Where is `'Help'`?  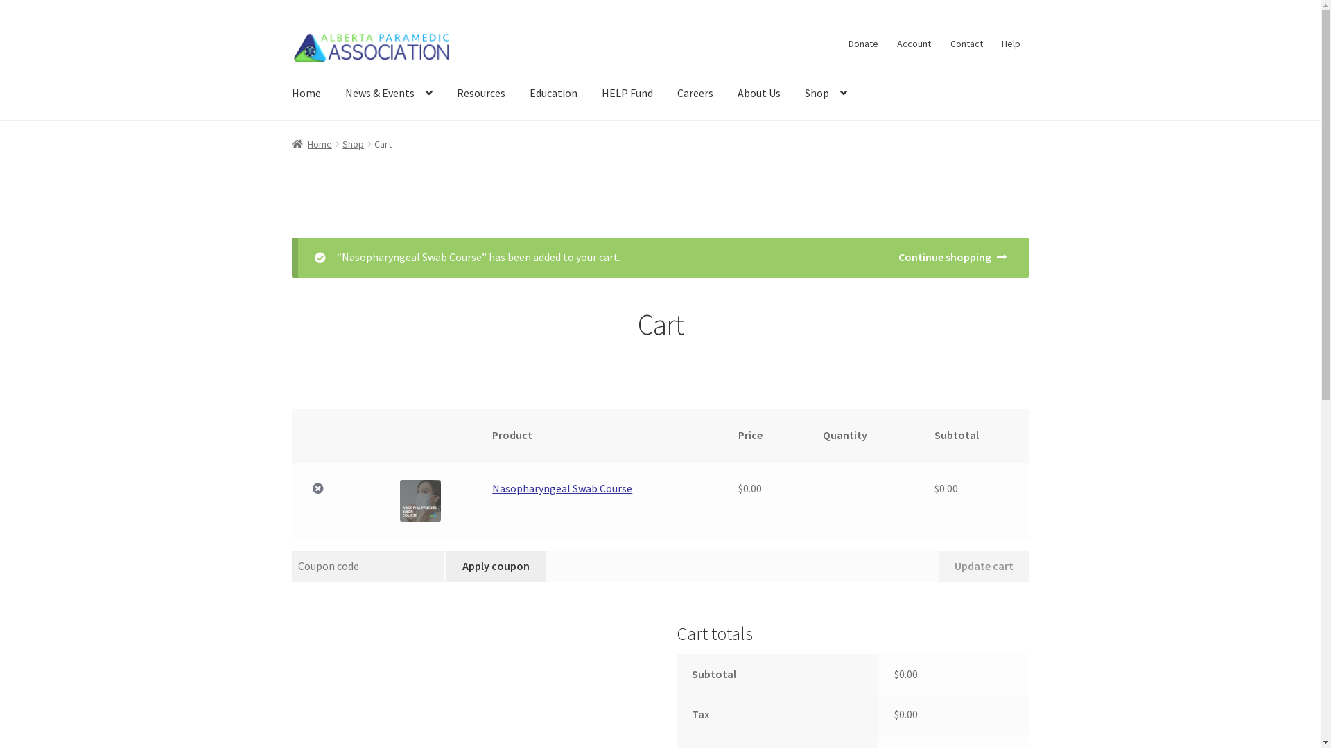
'Help' is located at coordinates (1011, 42).